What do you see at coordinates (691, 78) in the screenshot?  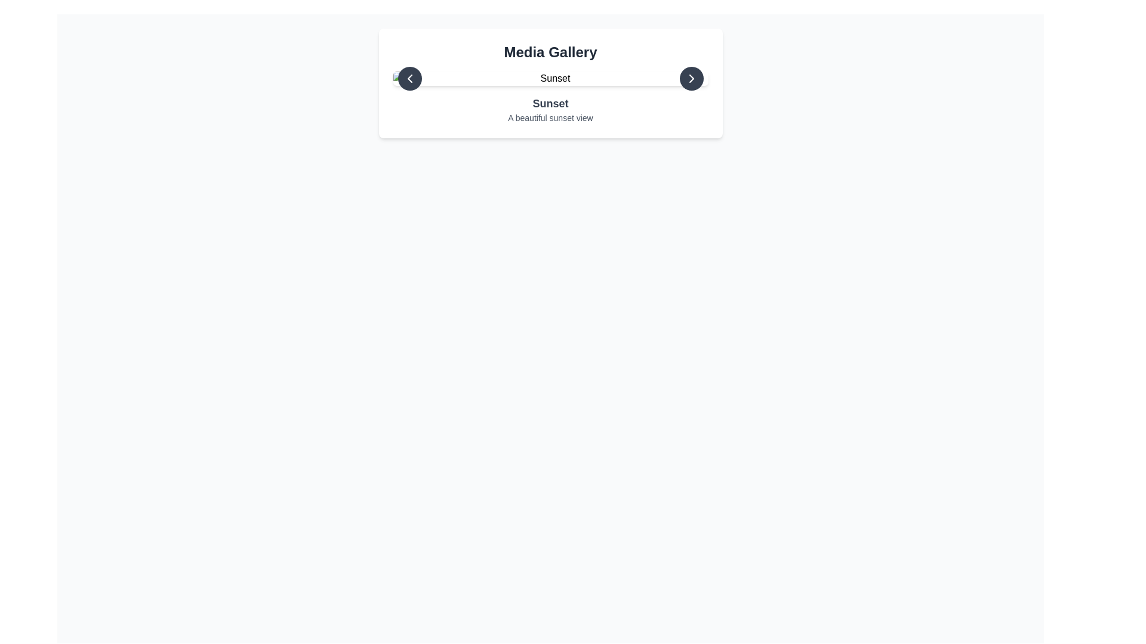 I see `the right navigation arrow icon` at bounding box center [691, 78].